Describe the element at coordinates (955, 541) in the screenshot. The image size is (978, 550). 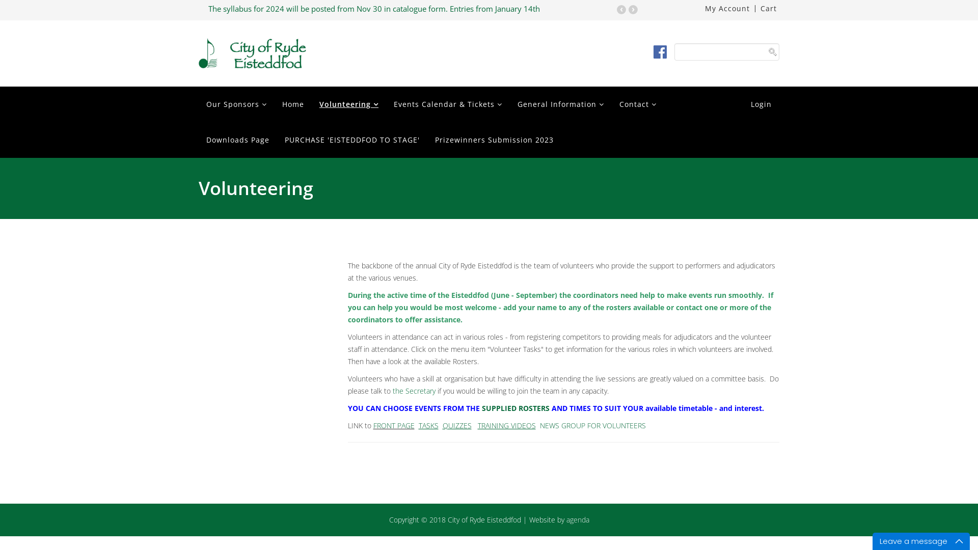
I see `'Maximize'` at that location.